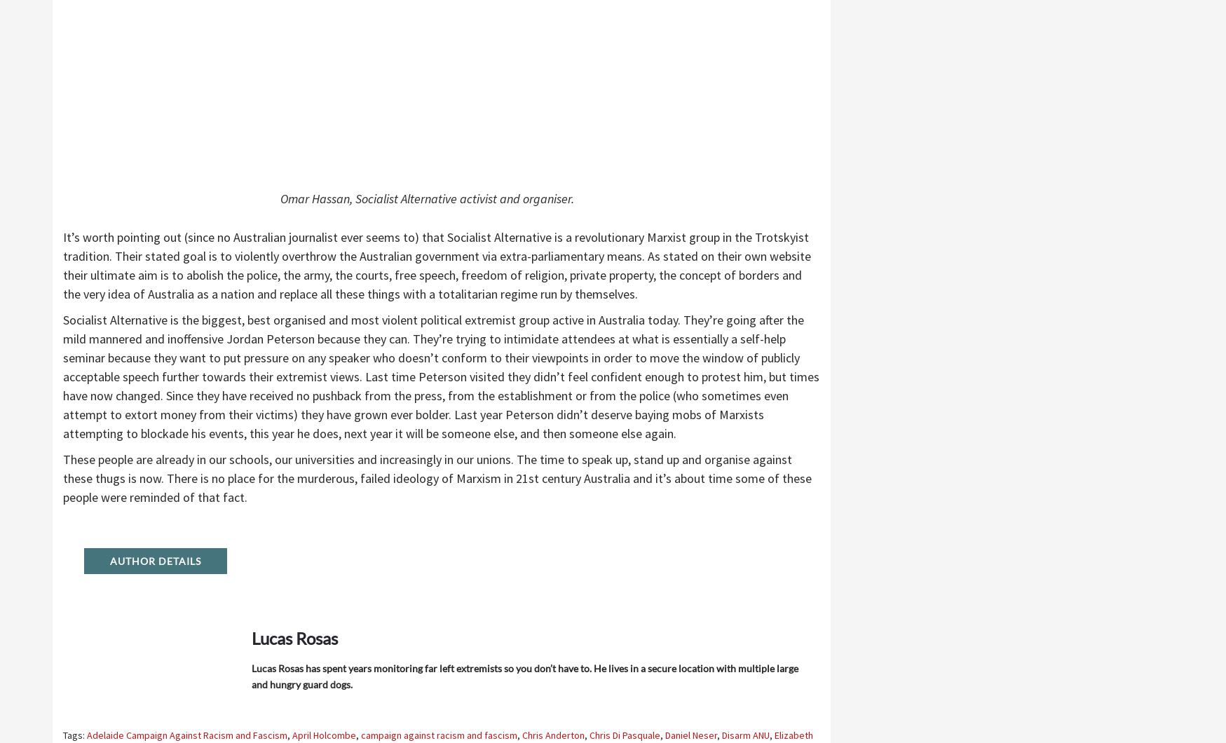 The image size is (1226, 743). What do you see at coordinates (186, 734) in the screenshot?
I see `'Adelaide Campaign Against Racism and Fascism'` at bounding box center [186, 734].